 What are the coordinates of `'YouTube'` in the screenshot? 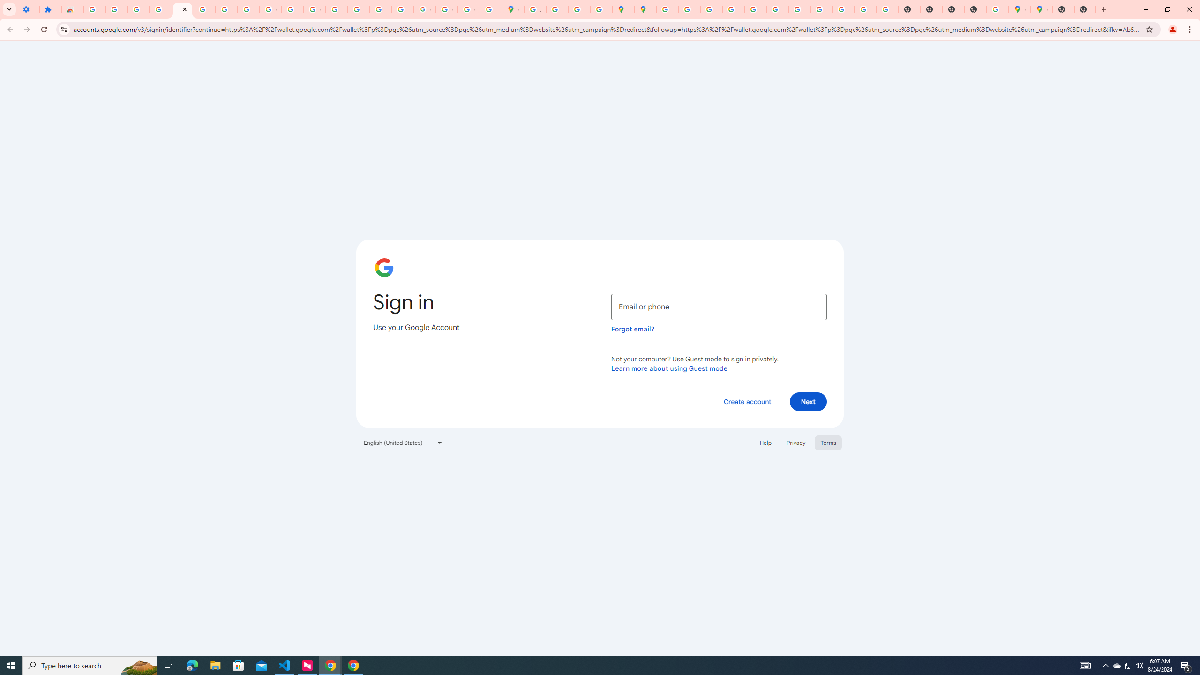 It's located at (248, 9).